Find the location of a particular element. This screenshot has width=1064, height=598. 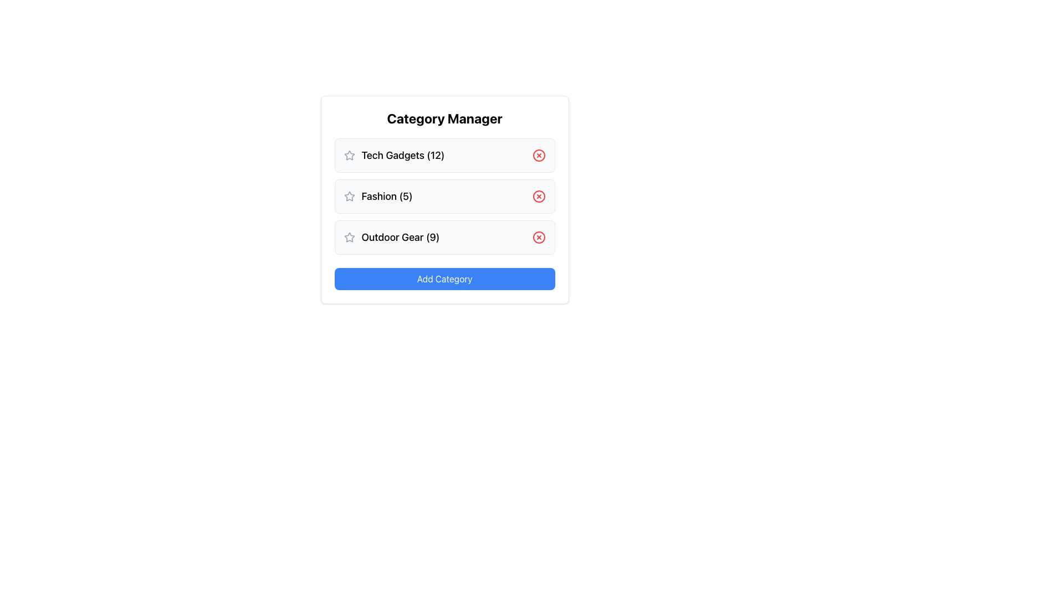

the 'Tech Gadgets' category element is located at coordinates (444, 156).